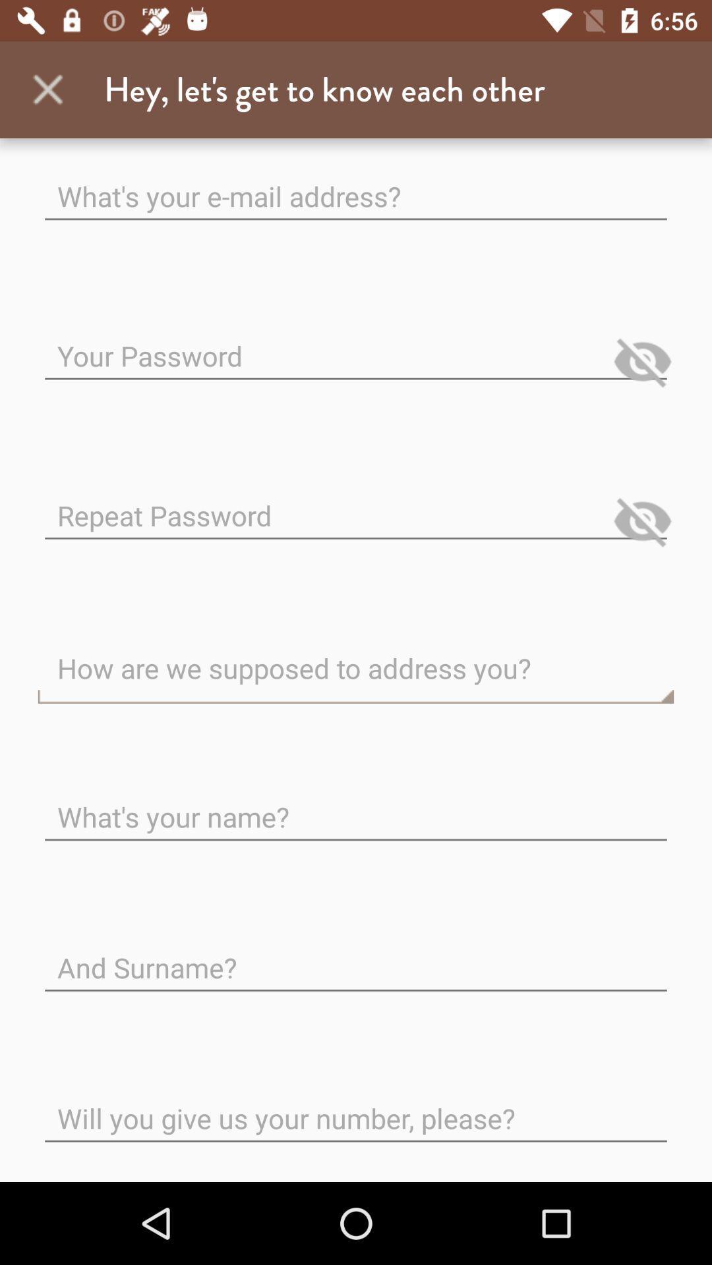 This screenshot has height=1265, width=712. I want to click on hide password, so click(642, 520).